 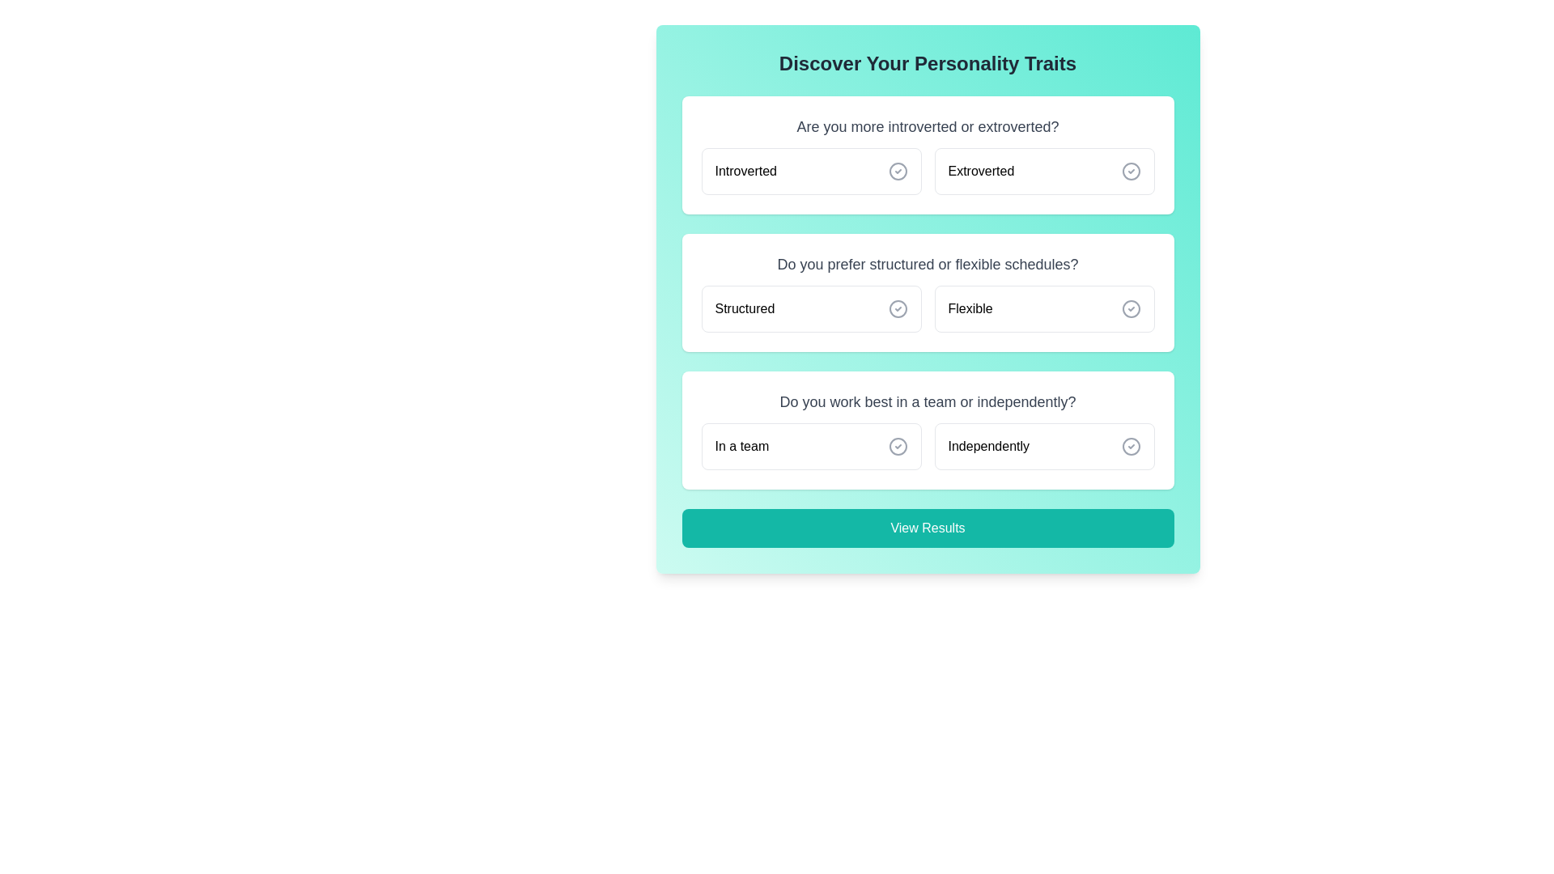 What do you see at coordinates (987, 446) in the screenshot?
I see `text label displaying 'Independently' located on the far right side of the option group for the question 'Do you work best in a team or independently?'` at bounding box center [987, 446].